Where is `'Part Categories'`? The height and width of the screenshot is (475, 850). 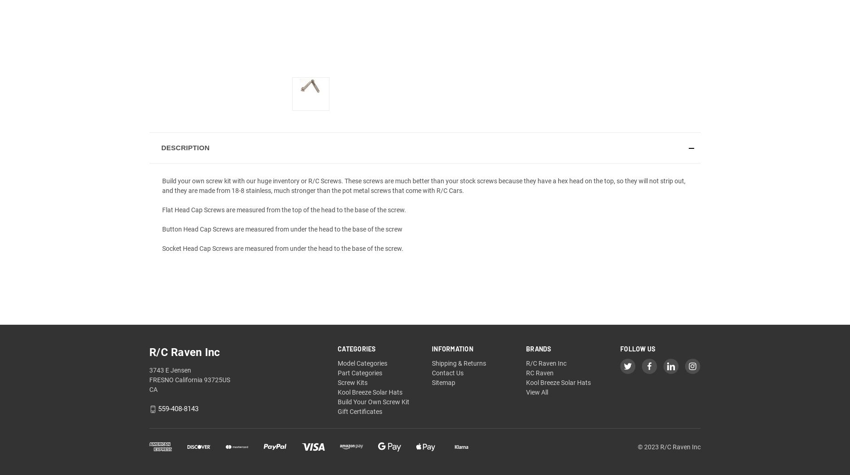
'Part Categories' is located at coordinates (360, 373).